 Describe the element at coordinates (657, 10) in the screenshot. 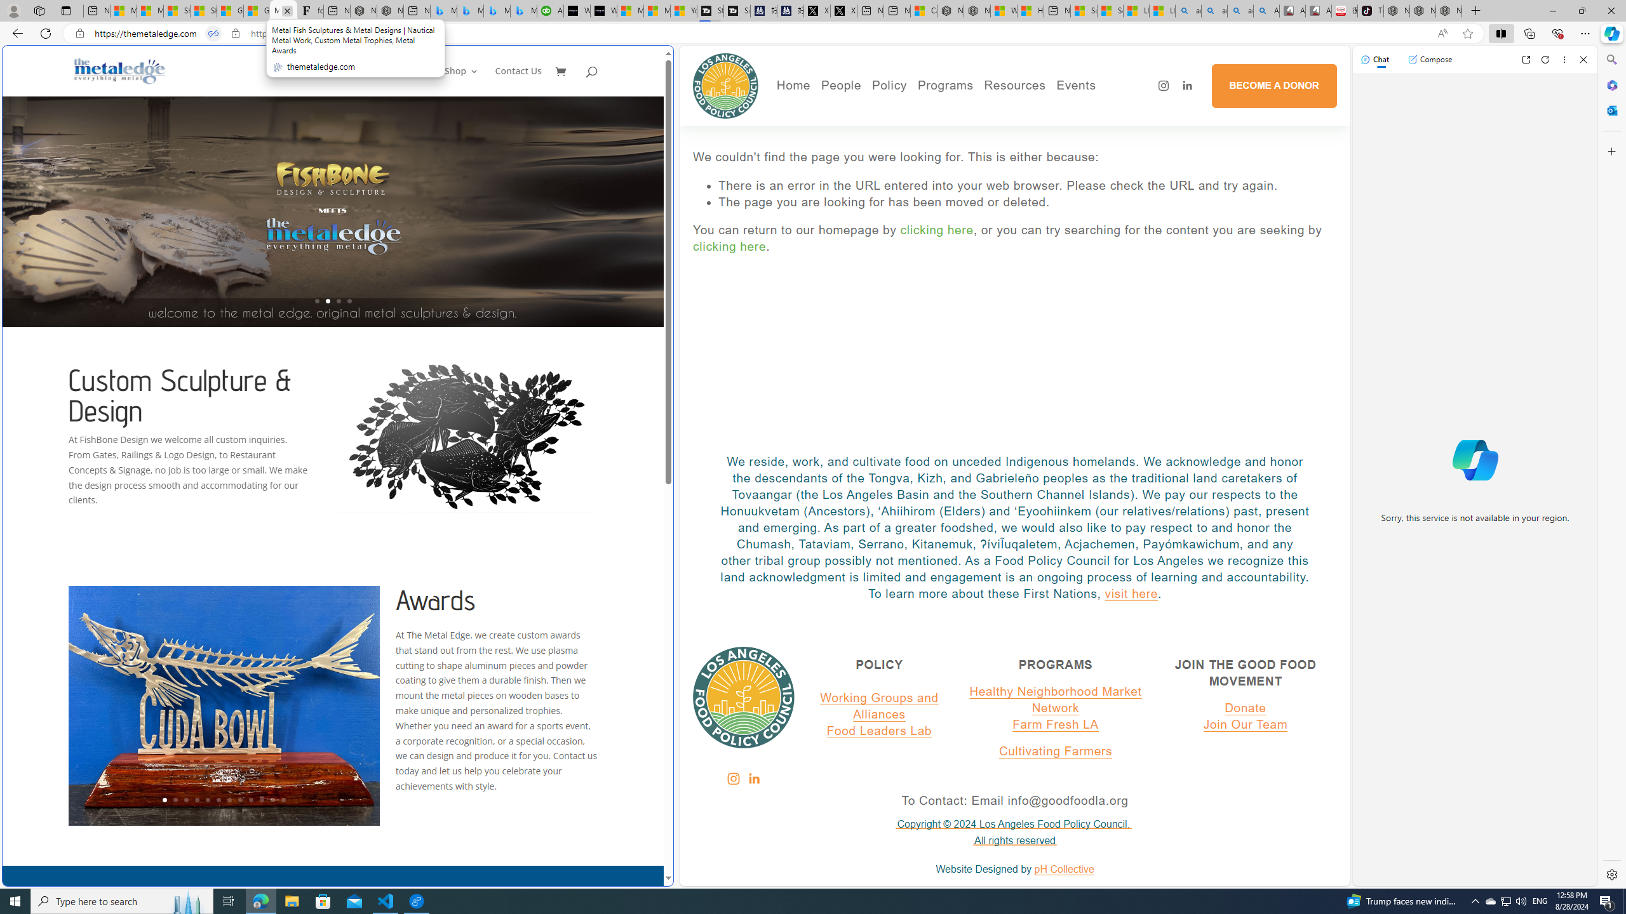

I see `'Microsoft Start'` at that location.